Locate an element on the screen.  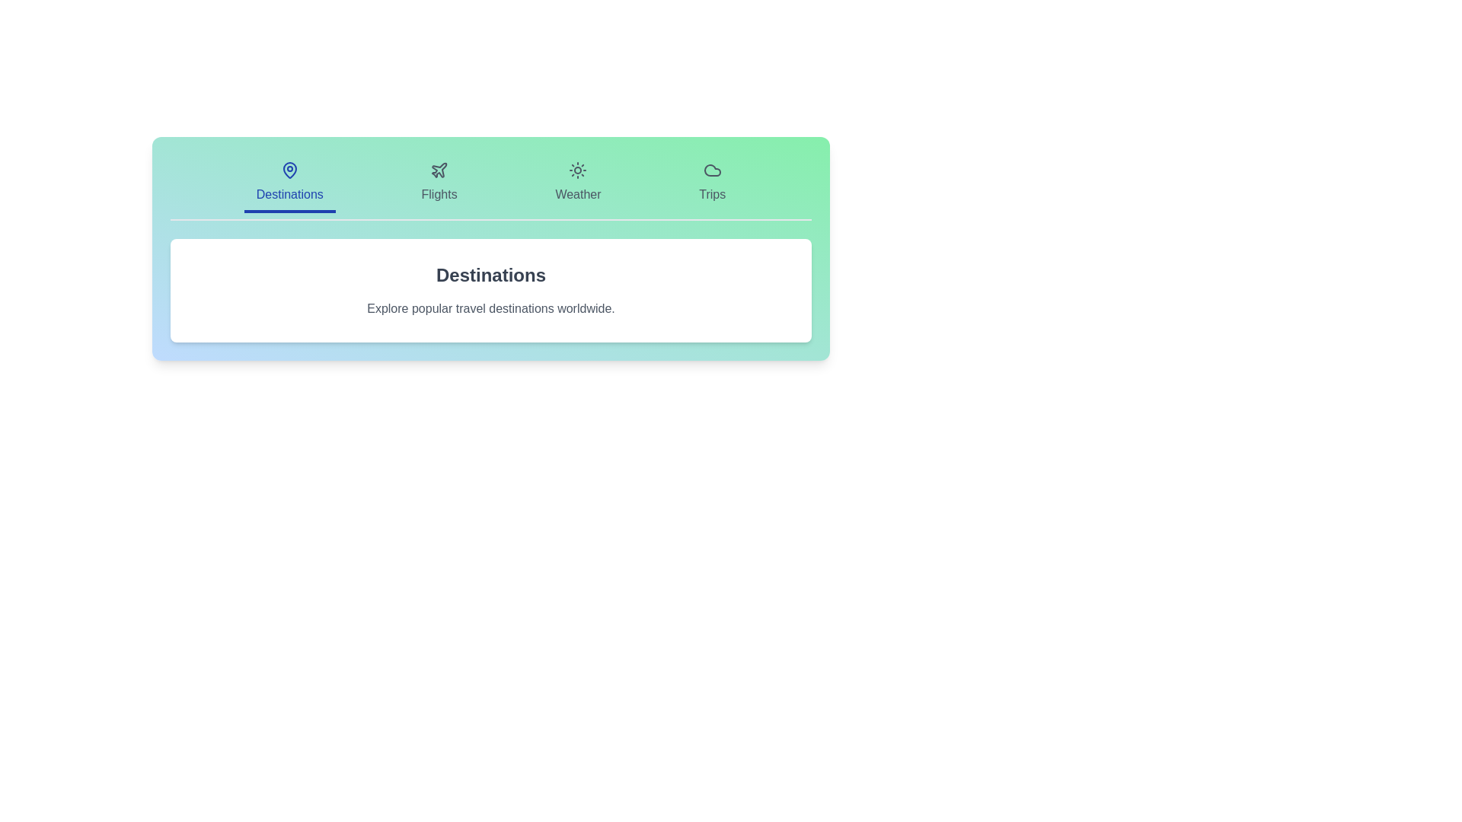
the tab labeled Trips is located at coordinates (711, 183).